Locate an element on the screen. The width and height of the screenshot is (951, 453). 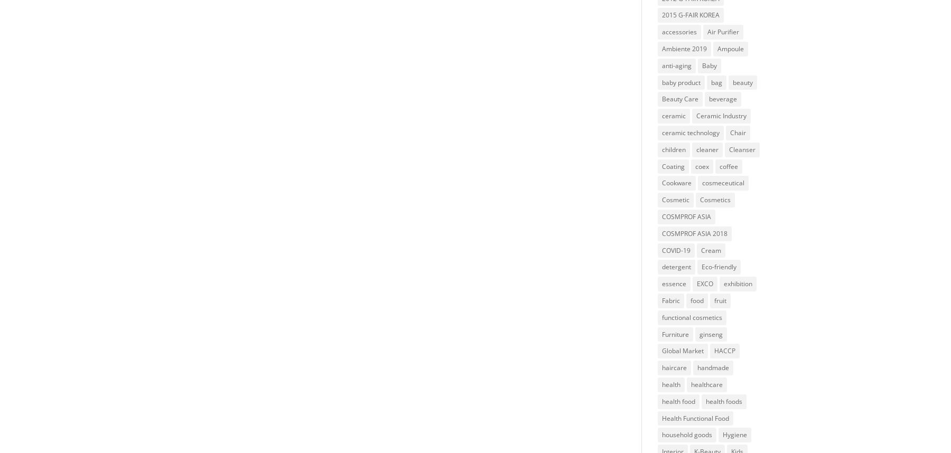
'coex' is located at coordinates (702, 165).